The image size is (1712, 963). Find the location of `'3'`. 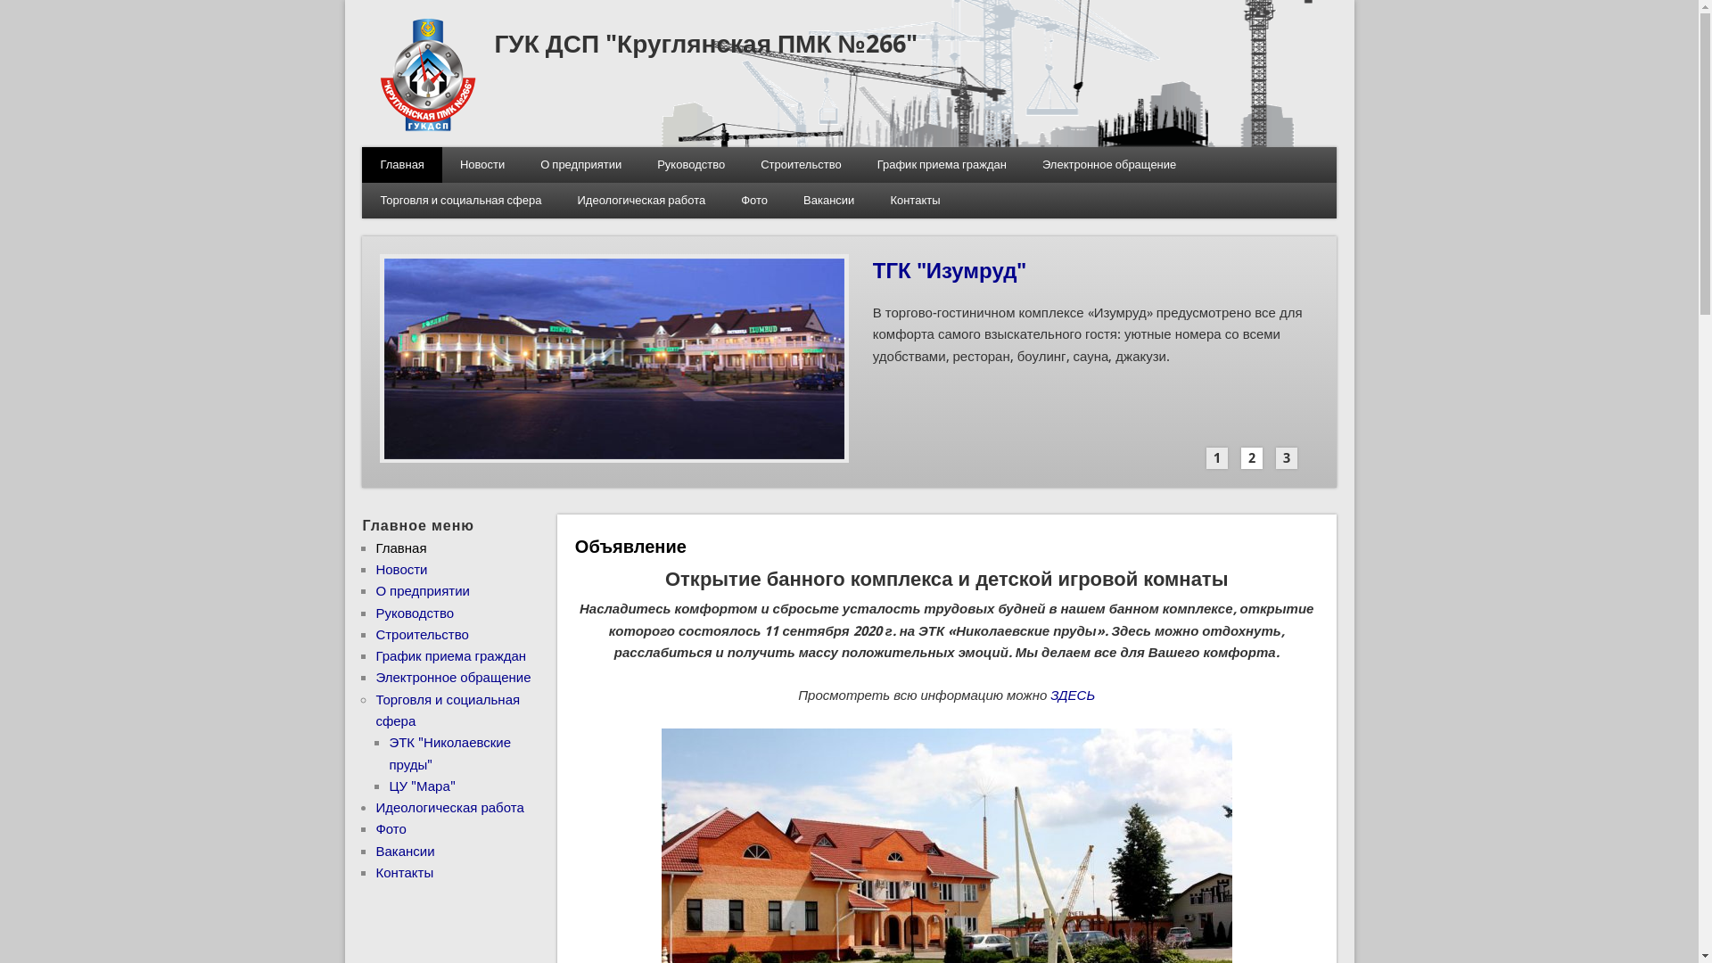

'3' is located at coordinates (1287, 457).